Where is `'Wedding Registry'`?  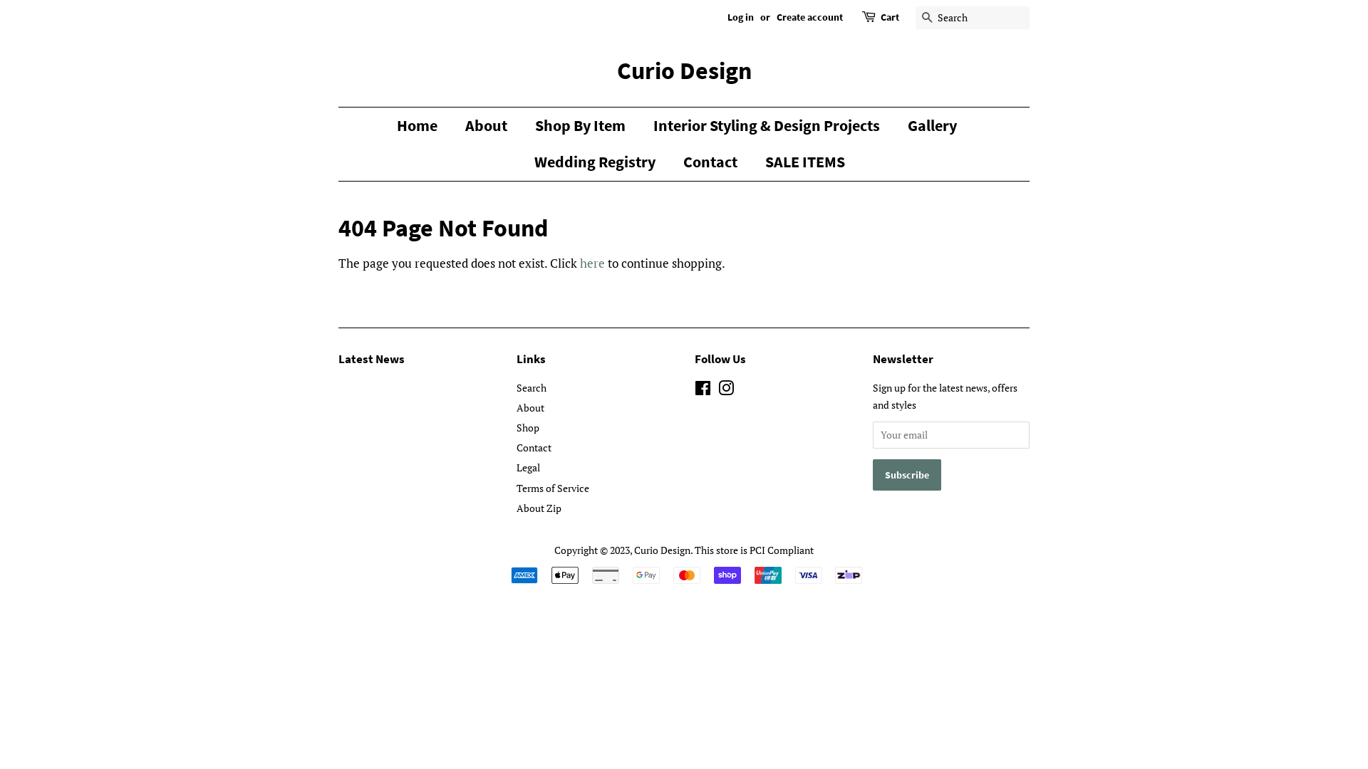
'Wedding Registry' is located at coordinates (522, 161).